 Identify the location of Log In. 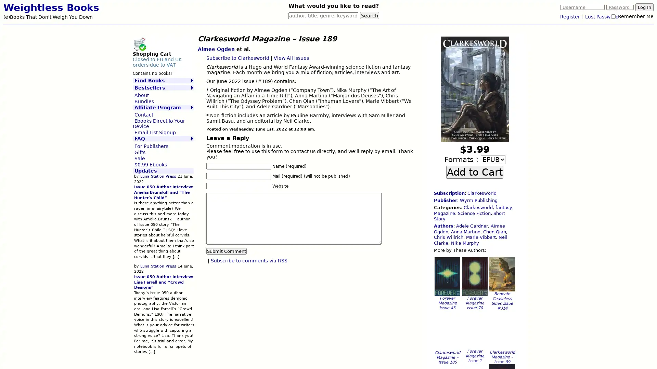
(644, 7).